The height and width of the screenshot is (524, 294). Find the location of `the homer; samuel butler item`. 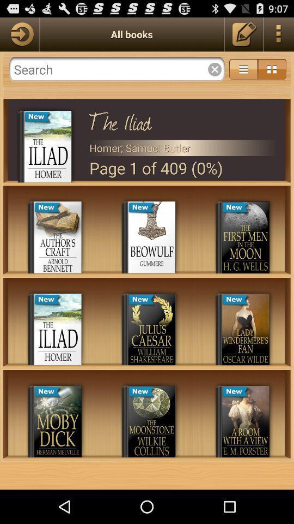

the homer; samuel butler item is located at coordinates (183, 147).